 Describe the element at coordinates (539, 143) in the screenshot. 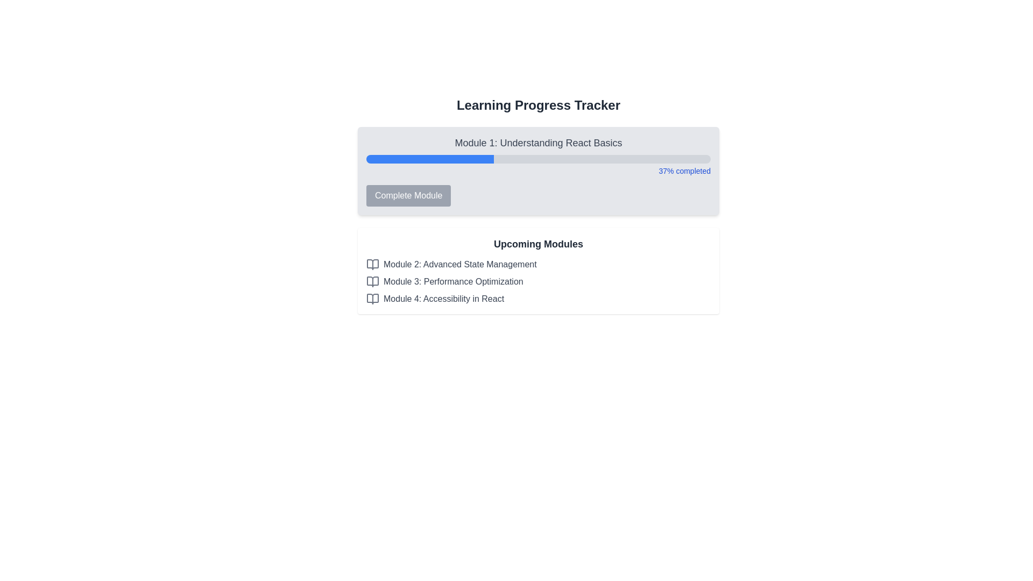

I see `the static text label that identifies the module name within the learning progress tracker interface, located centrally above the progress bar` at that location.